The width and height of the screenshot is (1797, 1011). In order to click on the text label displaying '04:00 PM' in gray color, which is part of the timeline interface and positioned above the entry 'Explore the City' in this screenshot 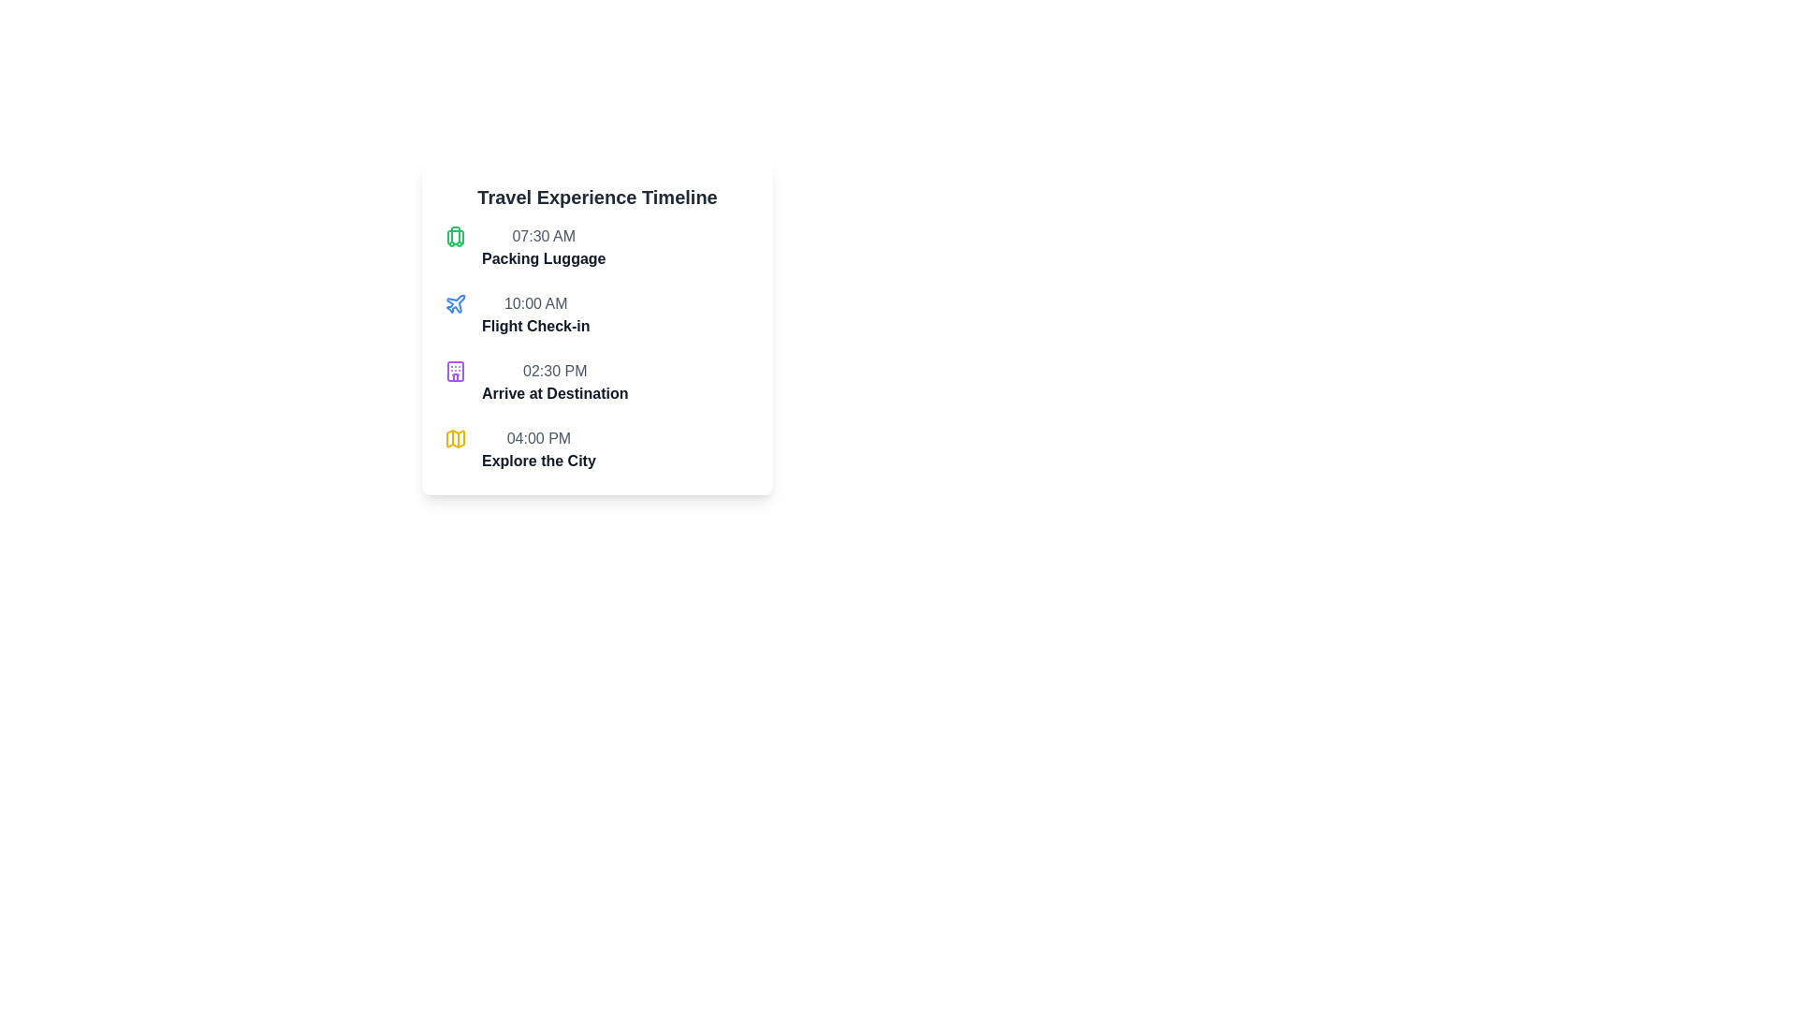, I will do `click(538, 439)`.